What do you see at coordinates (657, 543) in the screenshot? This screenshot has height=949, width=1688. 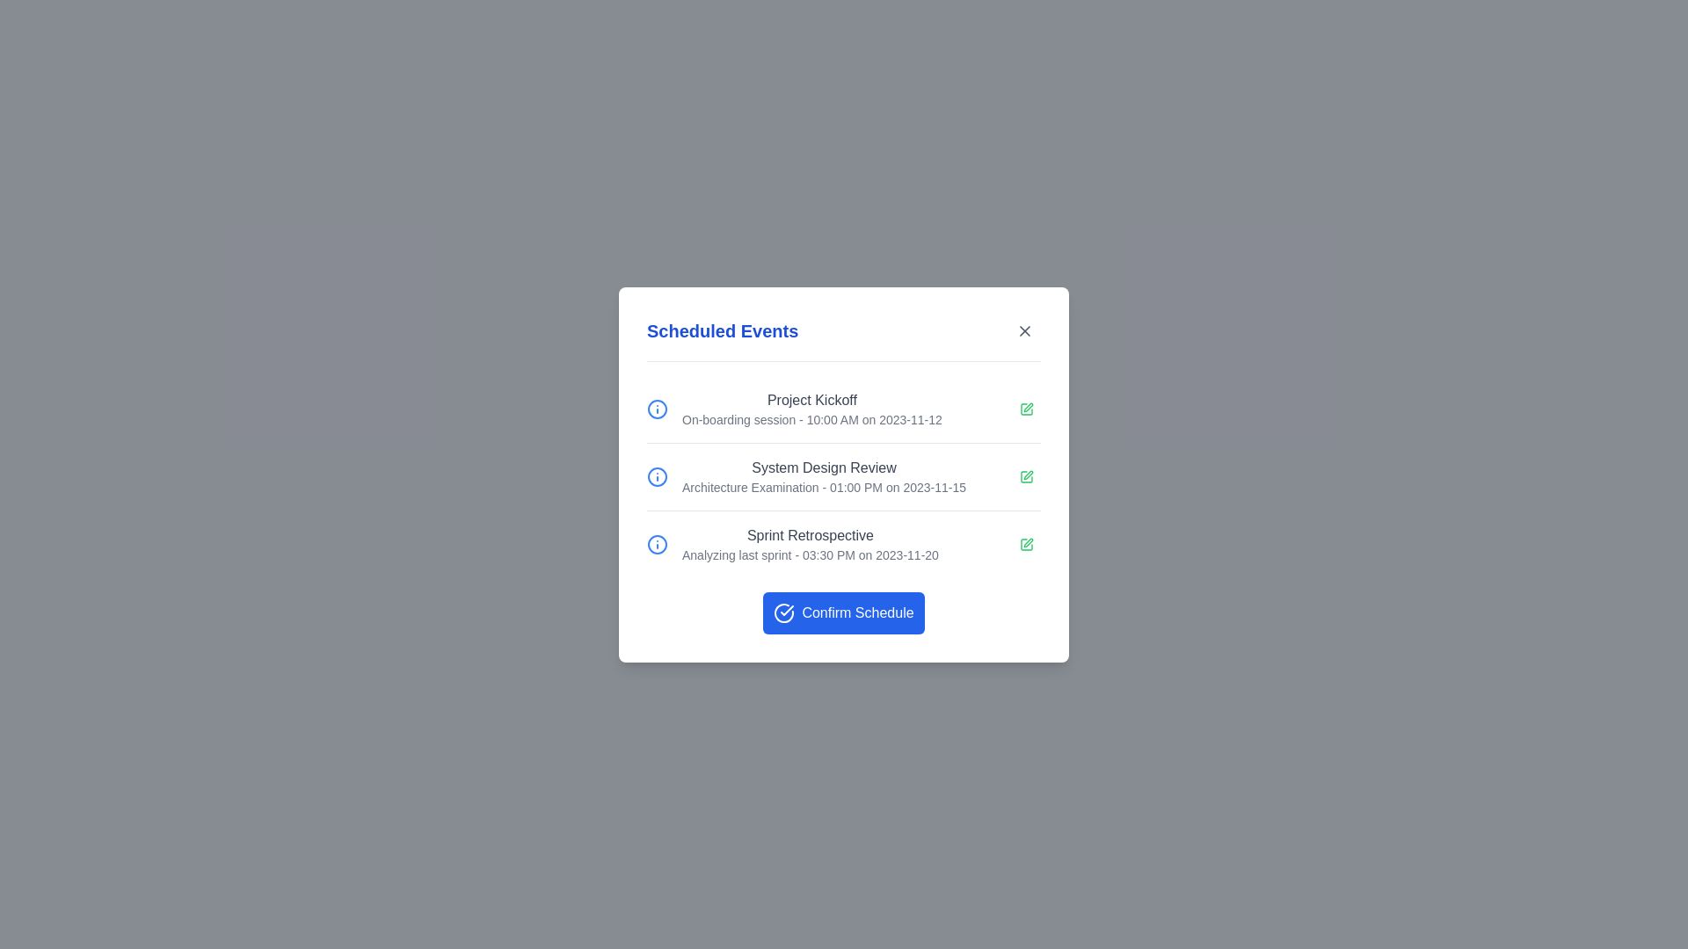 I see `the information icon for Sprint Retrospective to view more details` at bounding box center [657, 543].